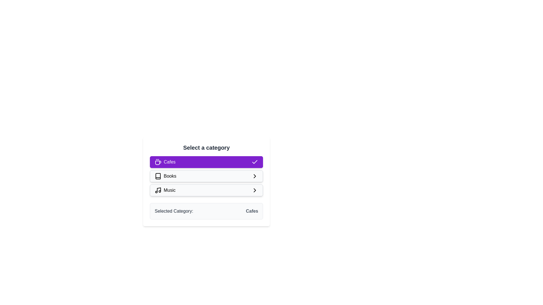  I want to click on the 'Cafes' category label, which is part of a selectable list item highlighted with a purple background and accompanied by a coffee cup icon, so click(165, 162).